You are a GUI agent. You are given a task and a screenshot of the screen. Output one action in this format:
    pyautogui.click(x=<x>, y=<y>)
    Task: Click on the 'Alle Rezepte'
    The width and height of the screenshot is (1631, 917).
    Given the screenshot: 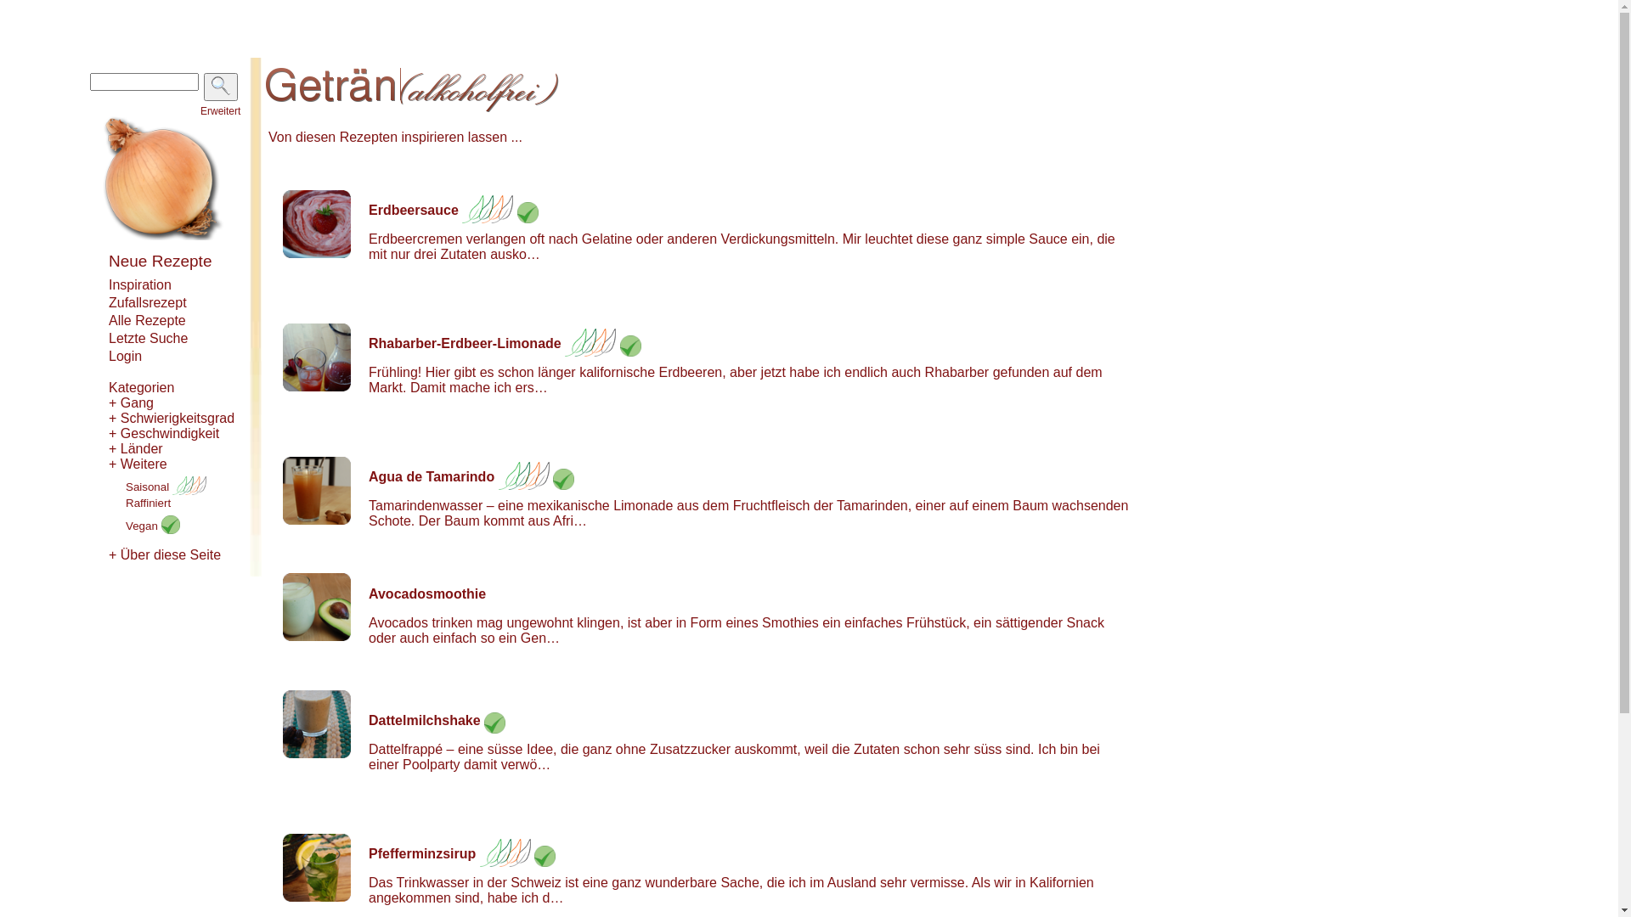 What is the action you would take?
    pyautogui.click(x=147, y=320)
    